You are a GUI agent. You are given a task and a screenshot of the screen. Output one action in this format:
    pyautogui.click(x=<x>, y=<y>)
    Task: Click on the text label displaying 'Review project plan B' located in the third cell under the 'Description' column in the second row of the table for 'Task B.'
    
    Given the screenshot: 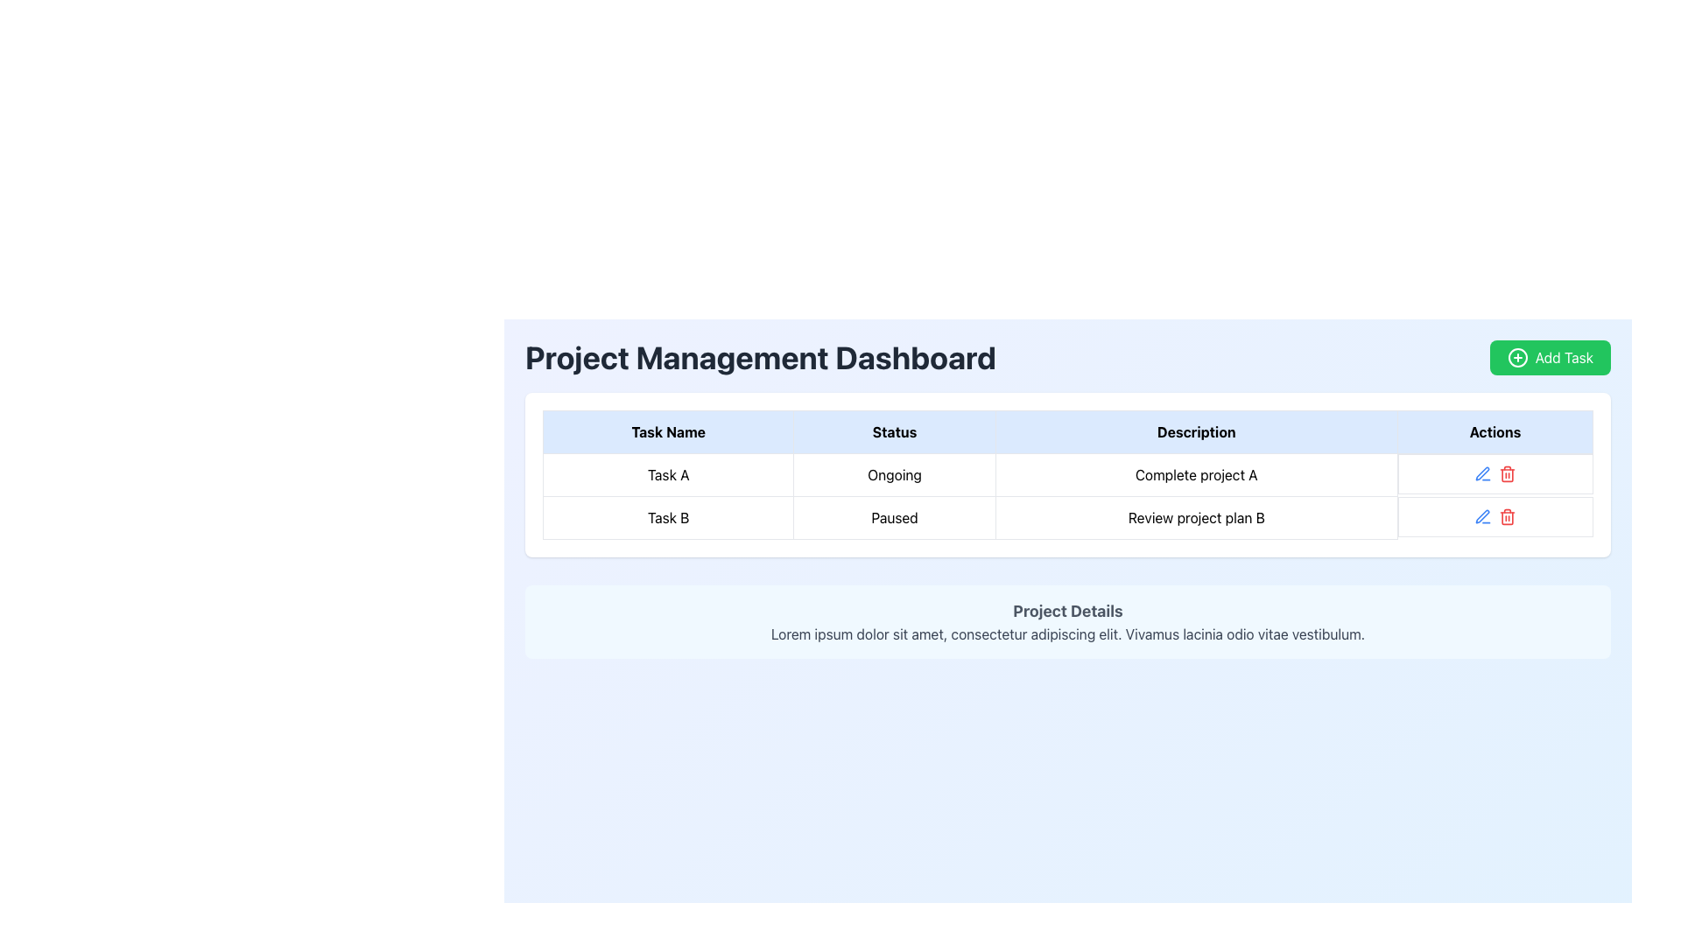 What is the action you would take?
    pyautogui.click(x=1195, y=516)
    